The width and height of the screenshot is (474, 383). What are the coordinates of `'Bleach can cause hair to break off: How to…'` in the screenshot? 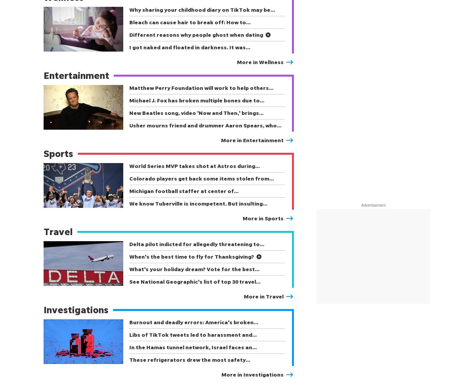 It's located at (190, 22).